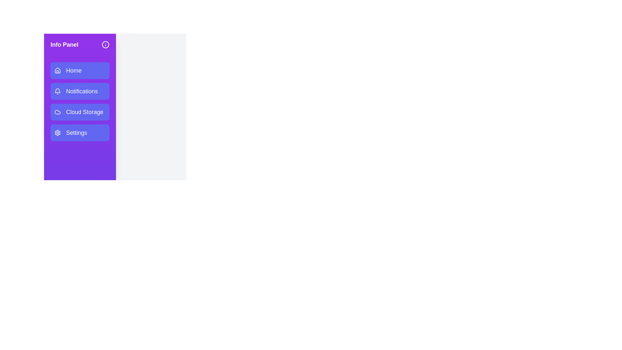  Describe the element at coordinates (79, 132) in the screenshot. I see `the 'Settings' menu item` at that location.